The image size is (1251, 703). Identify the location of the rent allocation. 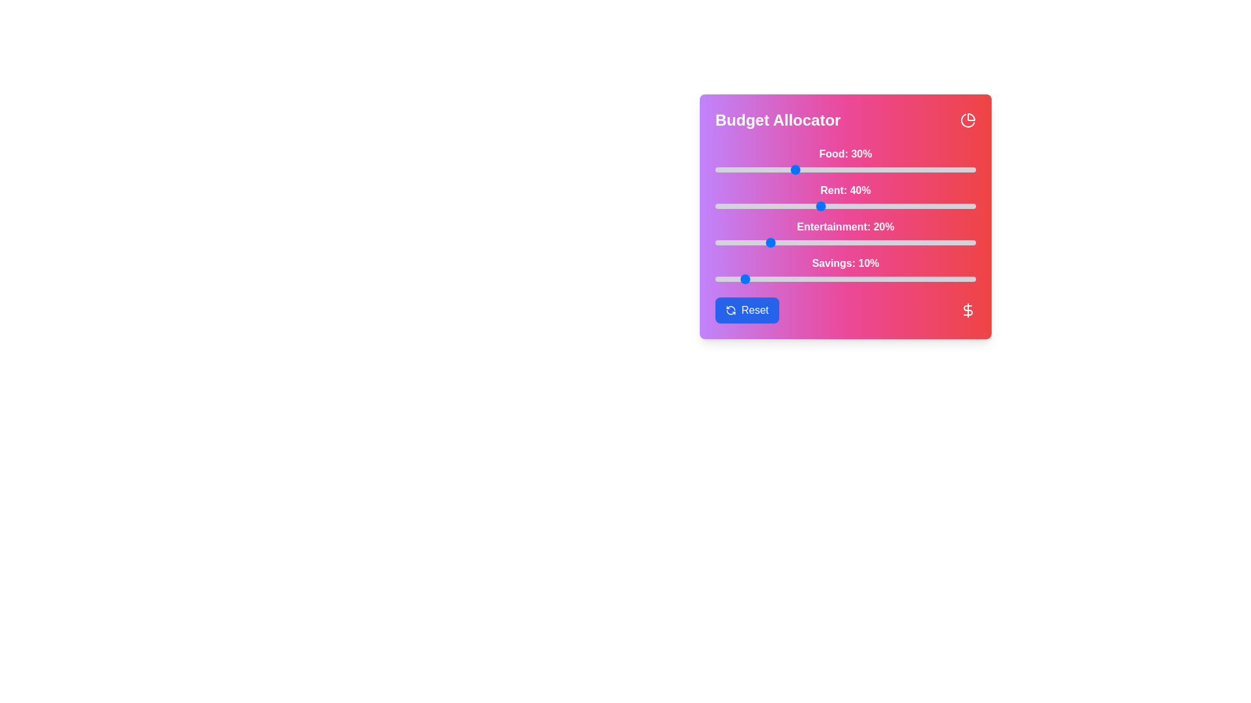
(765, 205).